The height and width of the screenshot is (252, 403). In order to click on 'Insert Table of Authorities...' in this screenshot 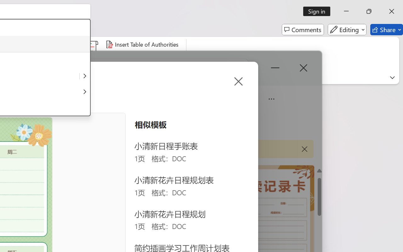, I will do `click(143, 44)`.